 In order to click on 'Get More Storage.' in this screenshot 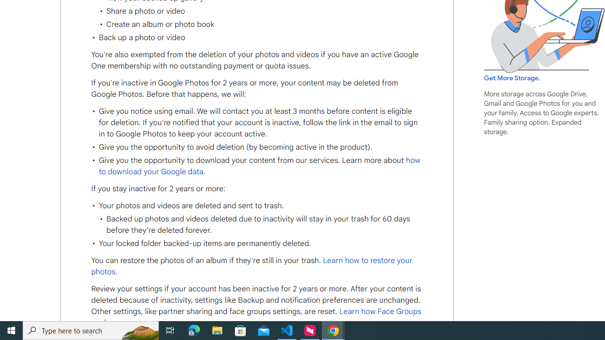, I will do `click(511, 77)`.